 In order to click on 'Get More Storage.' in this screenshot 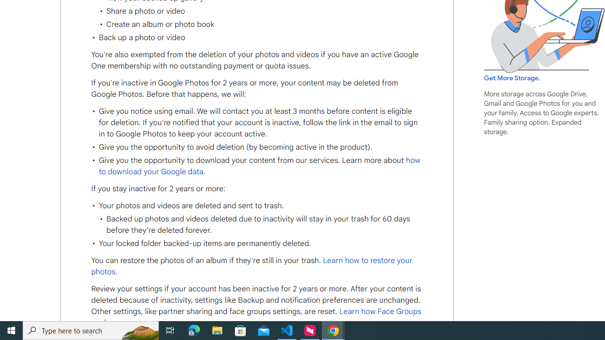, I will do `click(511, 77)`.